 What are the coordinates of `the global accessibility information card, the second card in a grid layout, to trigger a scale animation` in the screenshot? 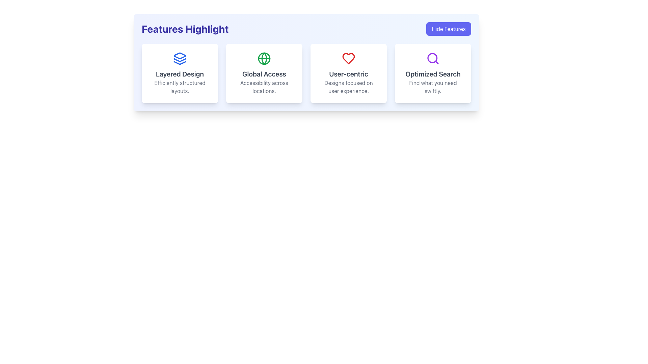 It's located at (264, 73).